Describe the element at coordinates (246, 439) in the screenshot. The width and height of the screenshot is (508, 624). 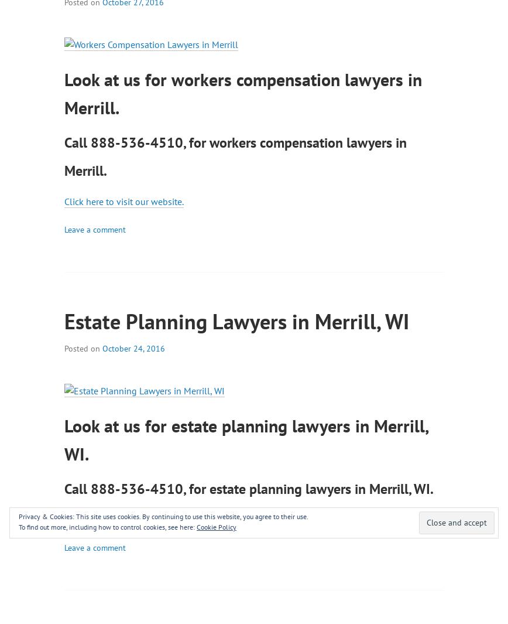
I see `'Look at us for estate planning lawyers in Merrill, WI.'` at that location.